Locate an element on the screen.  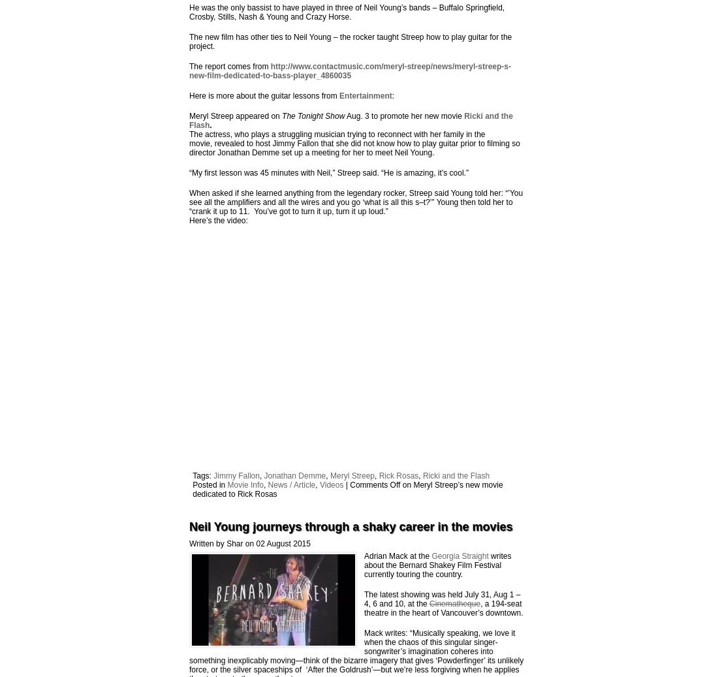
'He was the only bassist to have played in three of Neil Young’s bands – Buffalo Springfield, Crosby, Stills, Nash & Young and Crazy Horse.' is located at coordinates (347, 11).